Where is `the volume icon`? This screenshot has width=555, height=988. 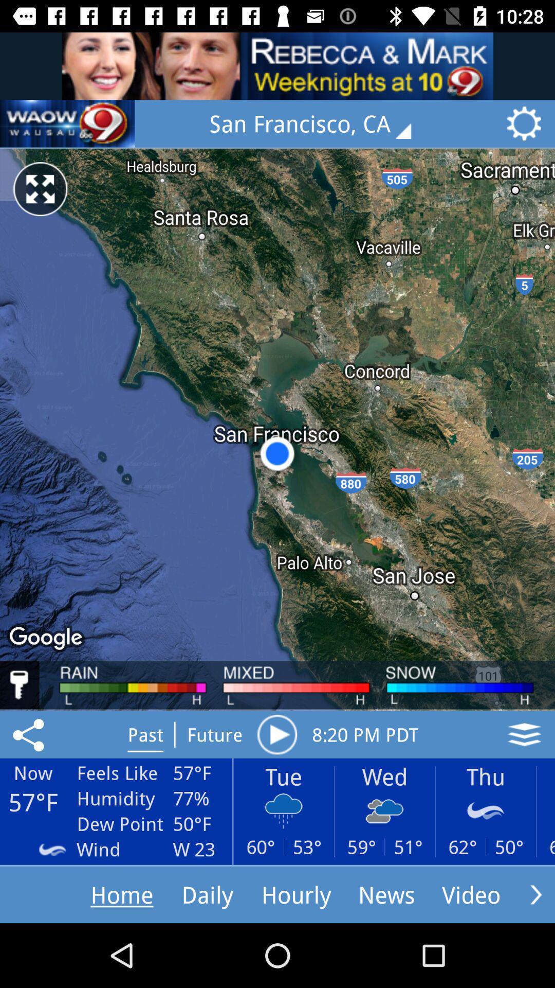 the volume icon is located at coordinates (67, 123).